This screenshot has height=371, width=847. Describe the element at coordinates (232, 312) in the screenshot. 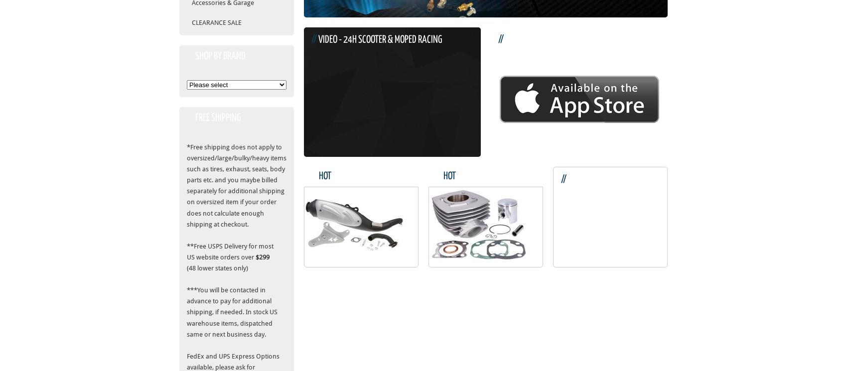

I see `'***You will be contacted in advance to pay for additional shipping, if needed.   
In stock US warehouse items, dispatched same or next business day.'` at that location.